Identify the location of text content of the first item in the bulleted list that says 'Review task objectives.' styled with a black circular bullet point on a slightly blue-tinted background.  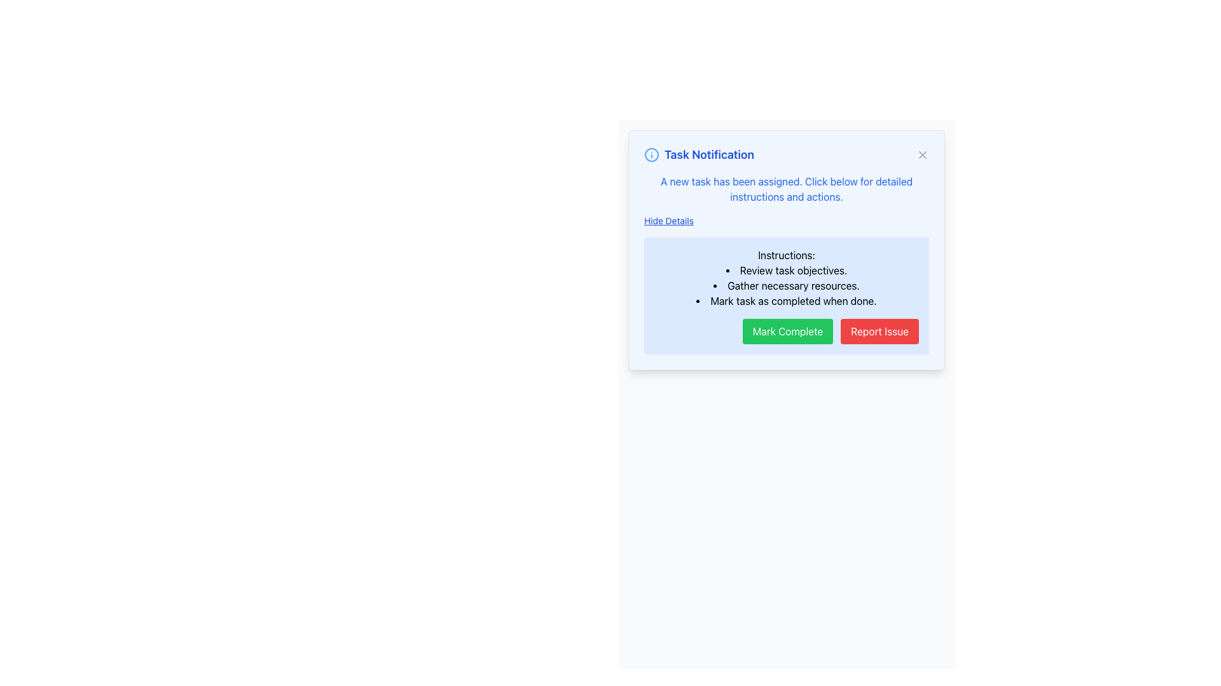
(786, 269).